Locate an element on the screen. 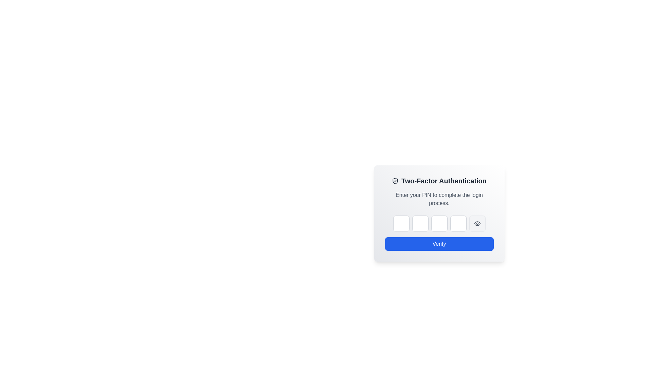 The width and height of the screenshot is (652, 366). on the square password input field with a light gray border and rounded corners, which is the first of a series of horizontal input fields under the 'Two-Factor Authentication' title is located at coordinates (401, 223).